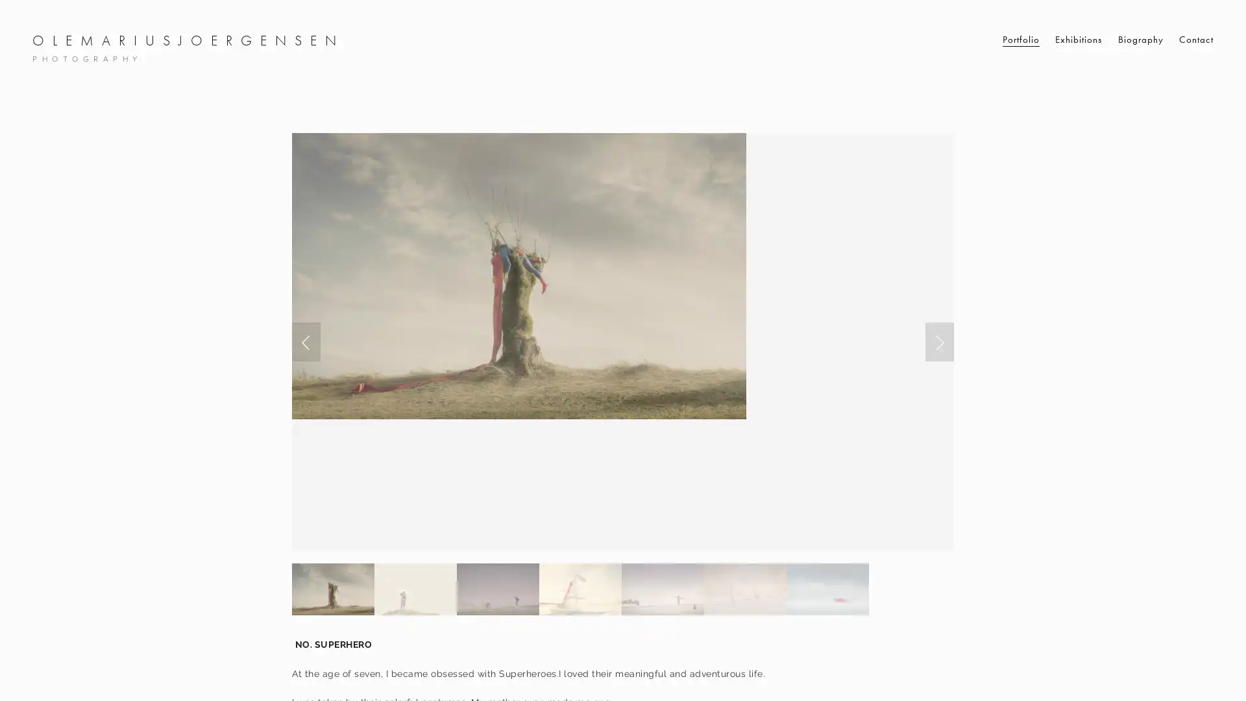 The image size is (1246, 701). I want to click on Previous Slide, so click(305, 340).